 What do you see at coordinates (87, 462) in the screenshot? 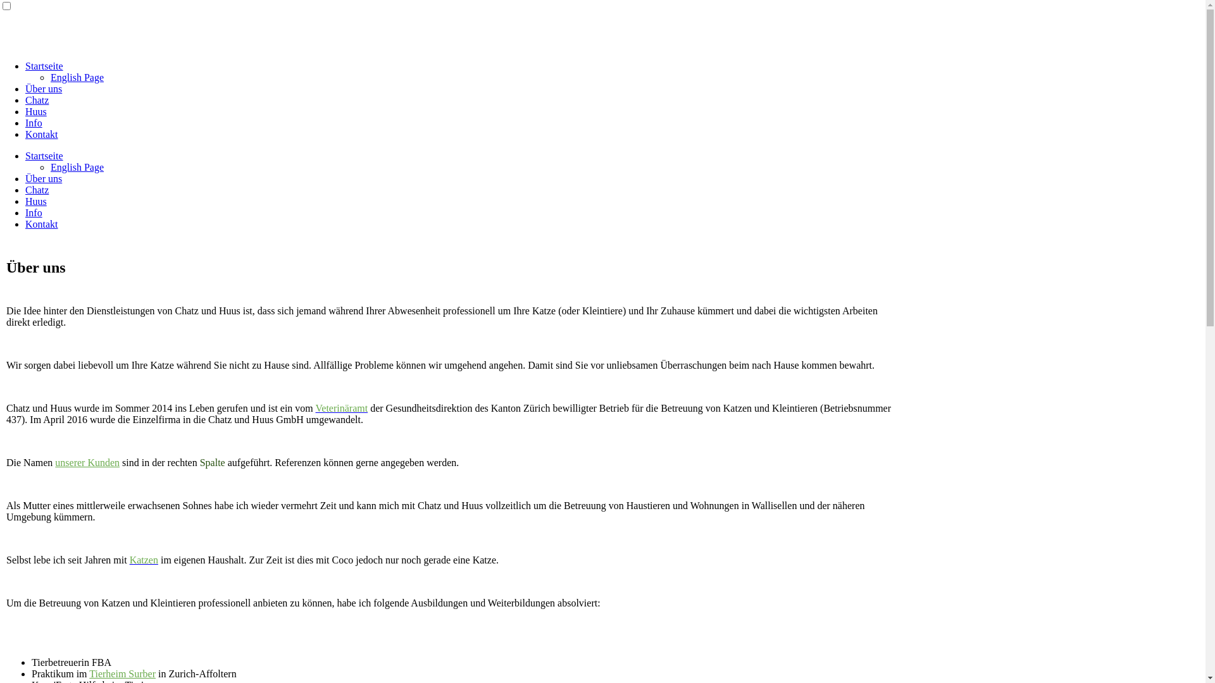
I see `'unserer Kunden'` at bounding box center [87, 462].